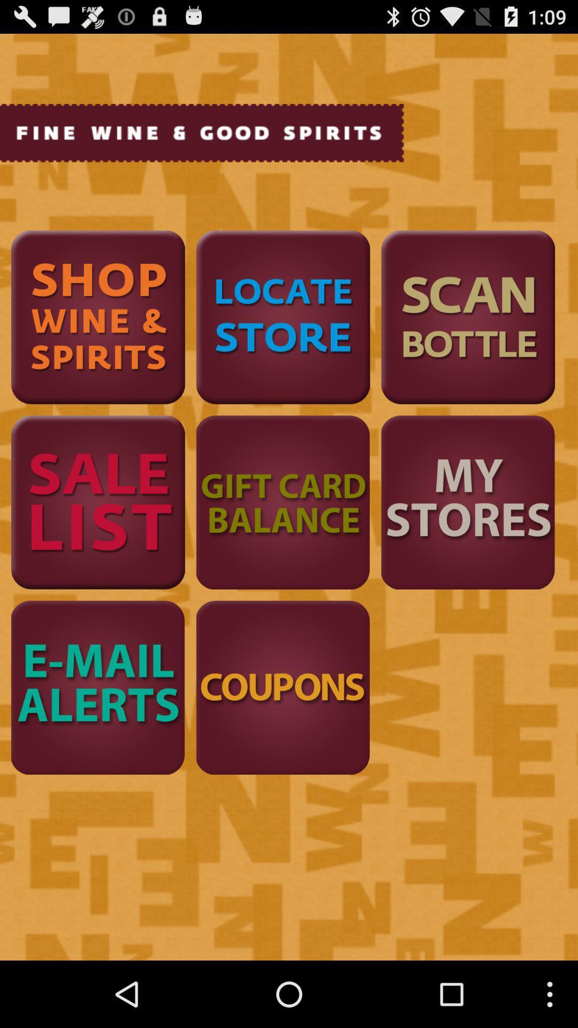 The height and width of the screenshot is (1028, 578). What do you see at coordinates (467, 502) in the screenshot?
I see `the my stories option` at bounding box center [467, 502].